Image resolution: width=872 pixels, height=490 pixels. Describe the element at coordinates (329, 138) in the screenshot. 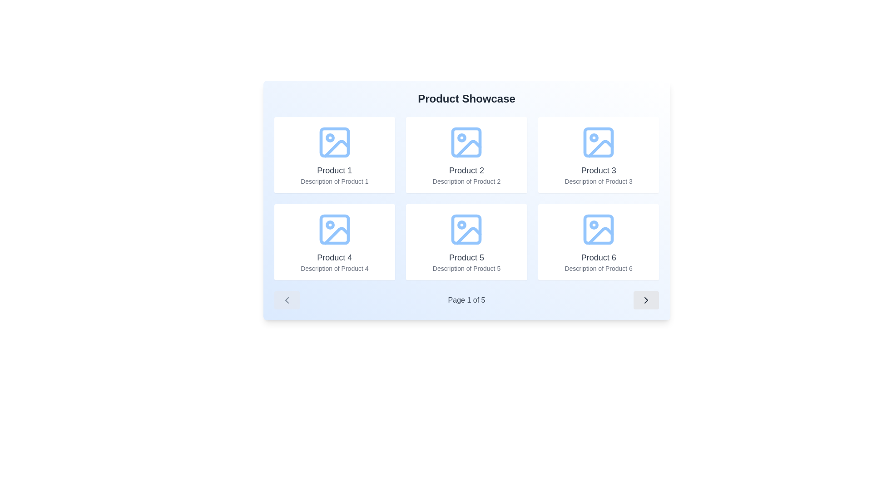

I see `the decorative icon graphic detail located at the top-left corner of the first product's icon within the grid` at that location.